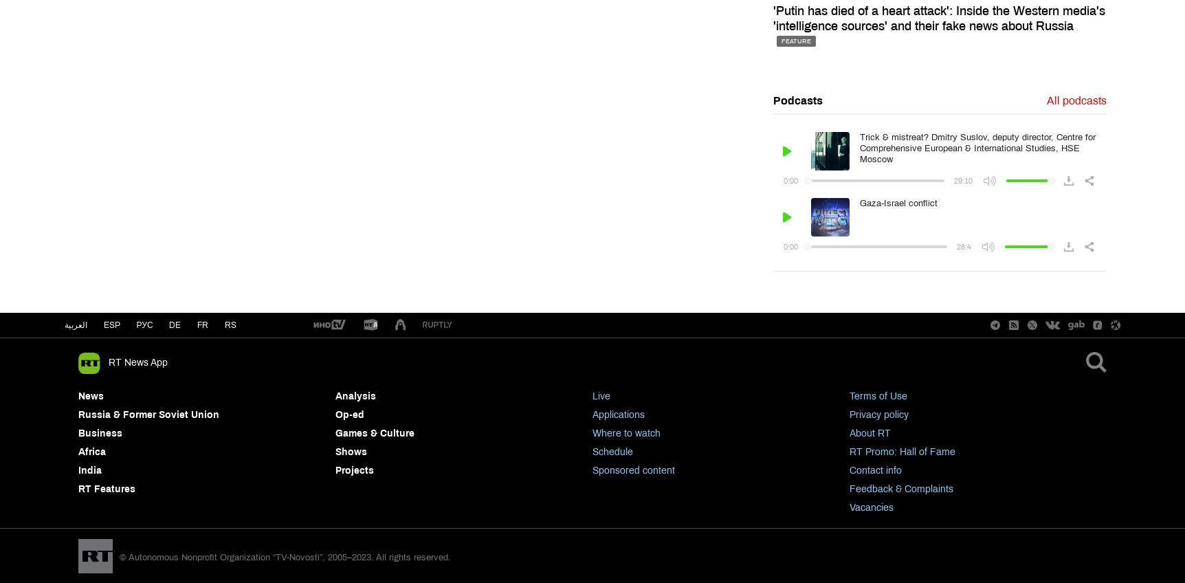 The image size is (1185, 583). I want to click on 'India', so click(89, 470).